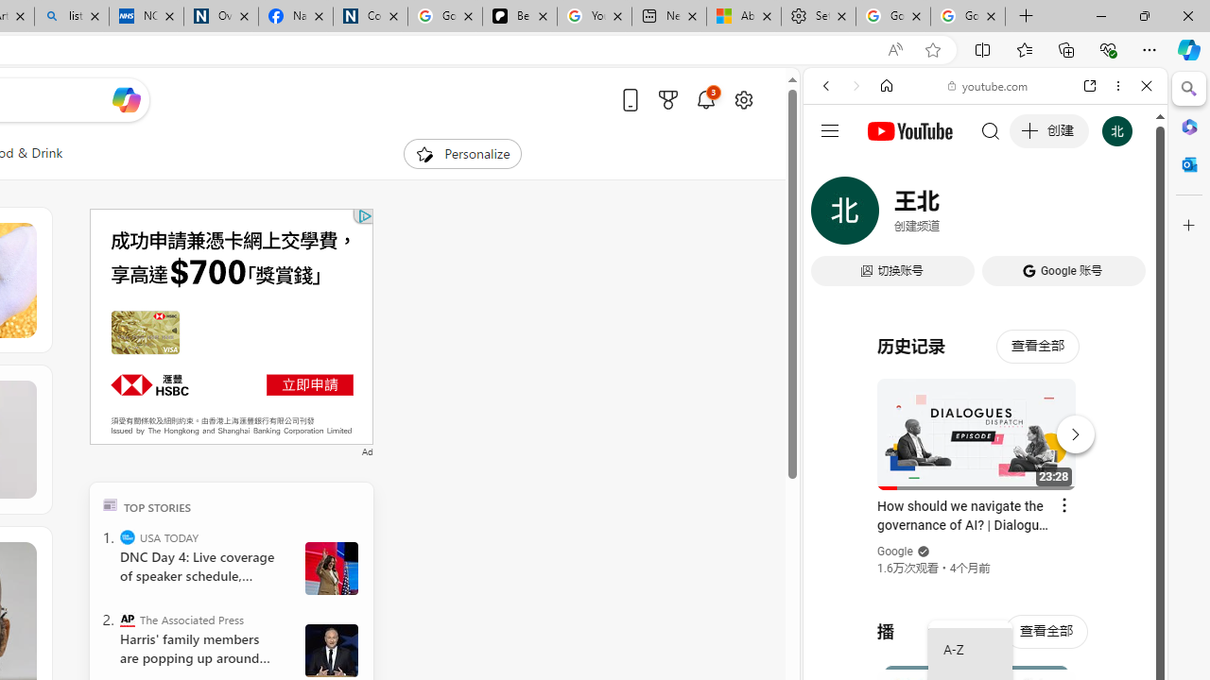  What do you see at coordinates (127, 536) in the screenshot?
I see `'USA TODAY'` at bounding box center [127, 536].